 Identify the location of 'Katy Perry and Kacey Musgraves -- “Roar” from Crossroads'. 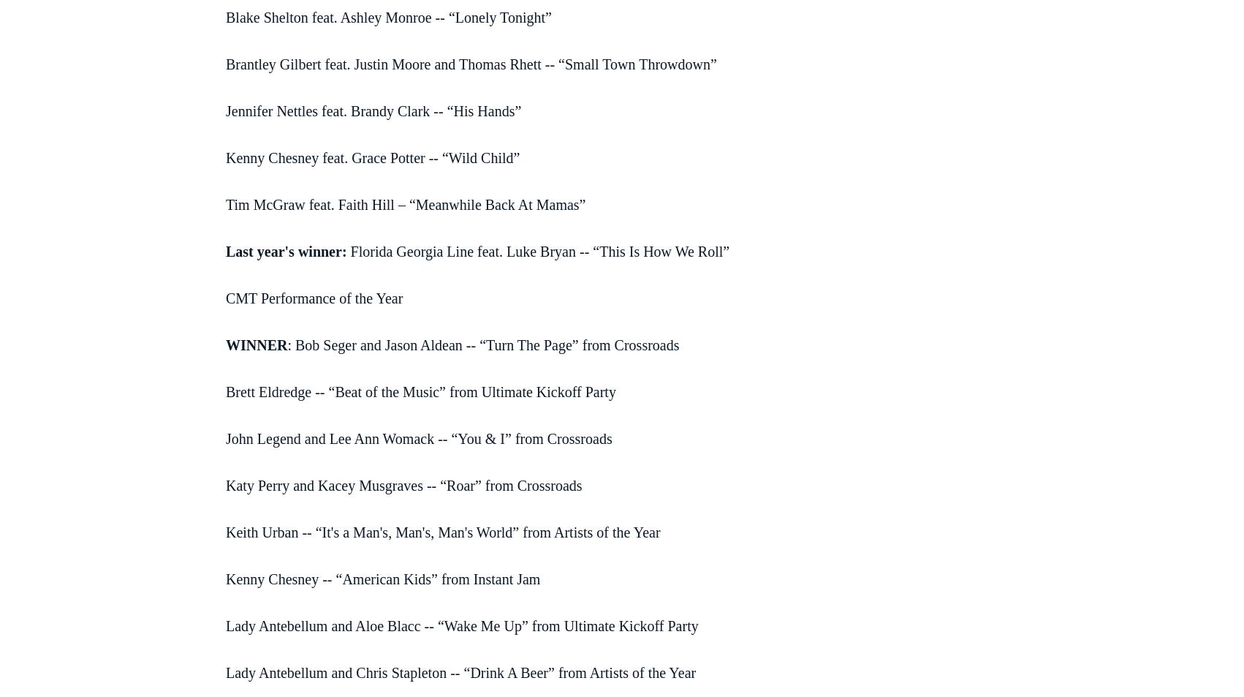
(403, 485).